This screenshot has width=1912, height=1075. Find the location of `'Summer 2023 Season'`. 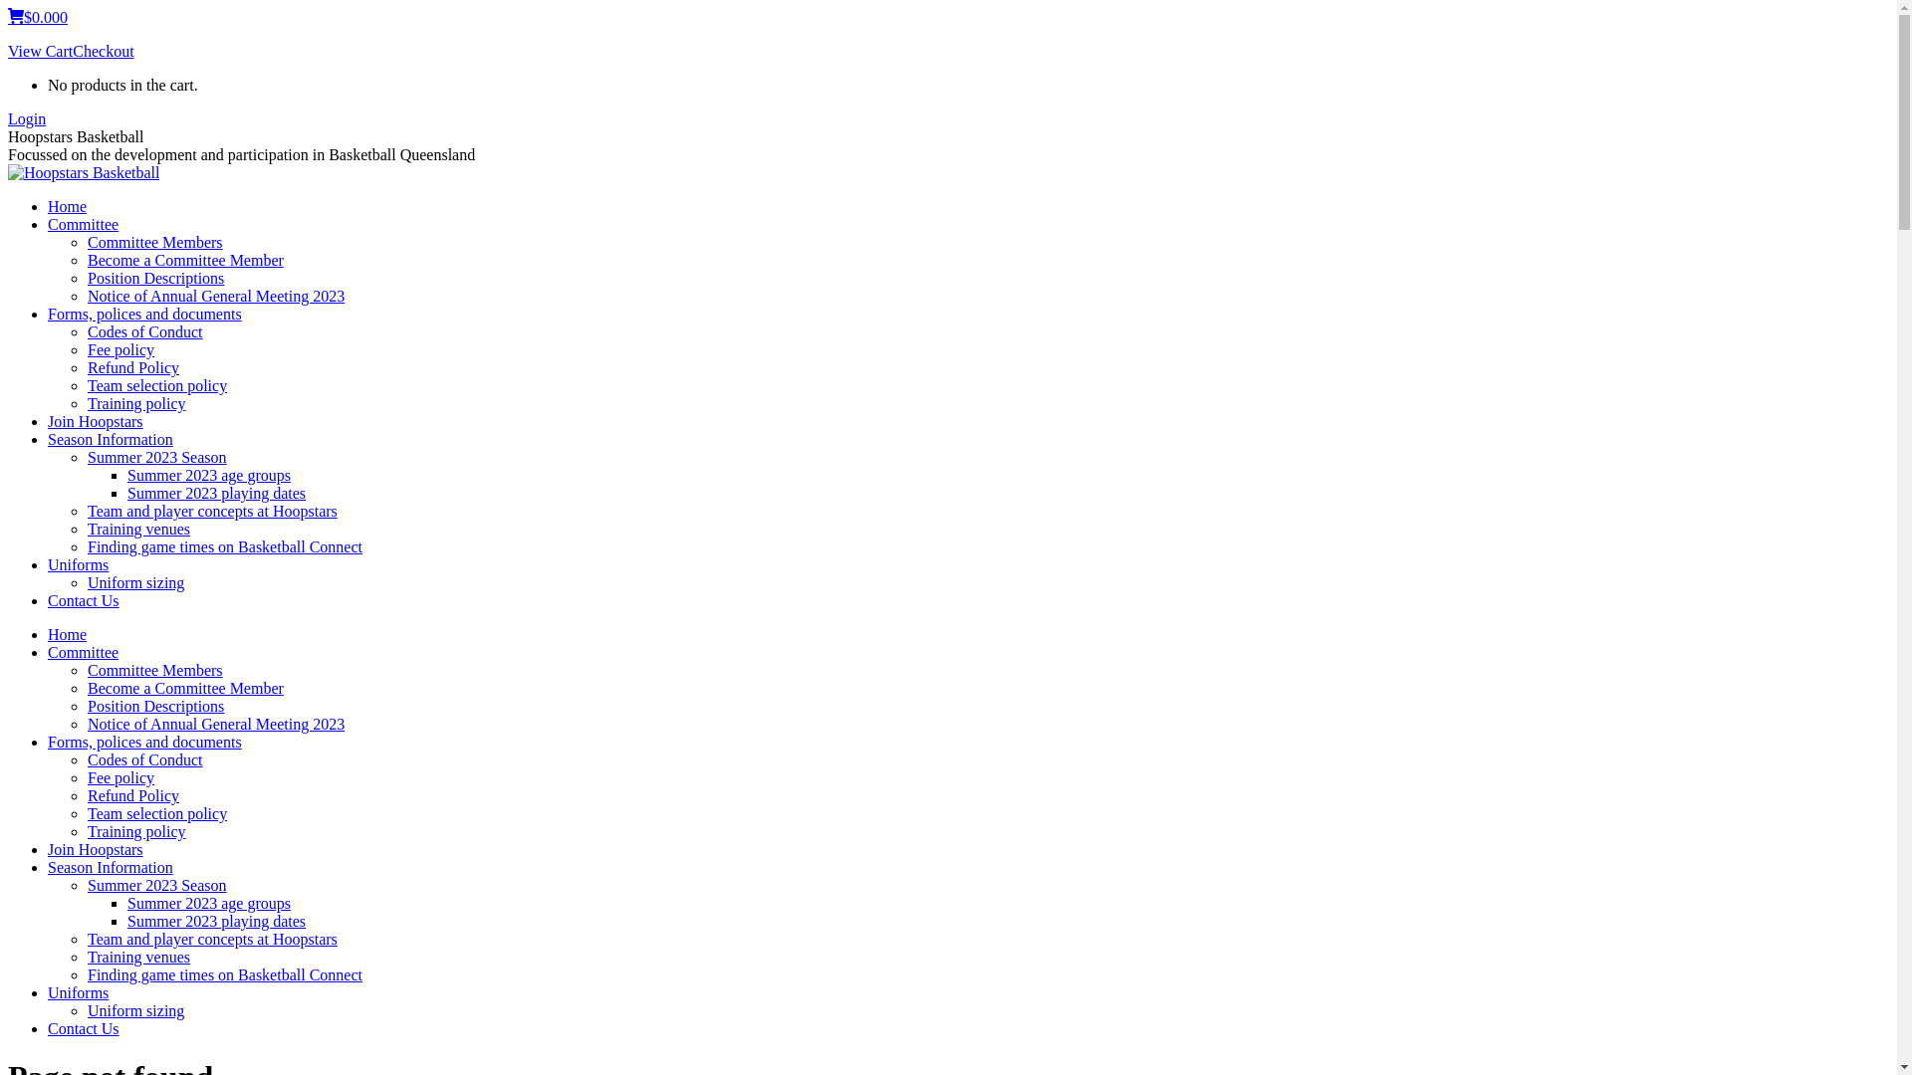

'Summer 2023 Season' is located at coordinates (156, 457).